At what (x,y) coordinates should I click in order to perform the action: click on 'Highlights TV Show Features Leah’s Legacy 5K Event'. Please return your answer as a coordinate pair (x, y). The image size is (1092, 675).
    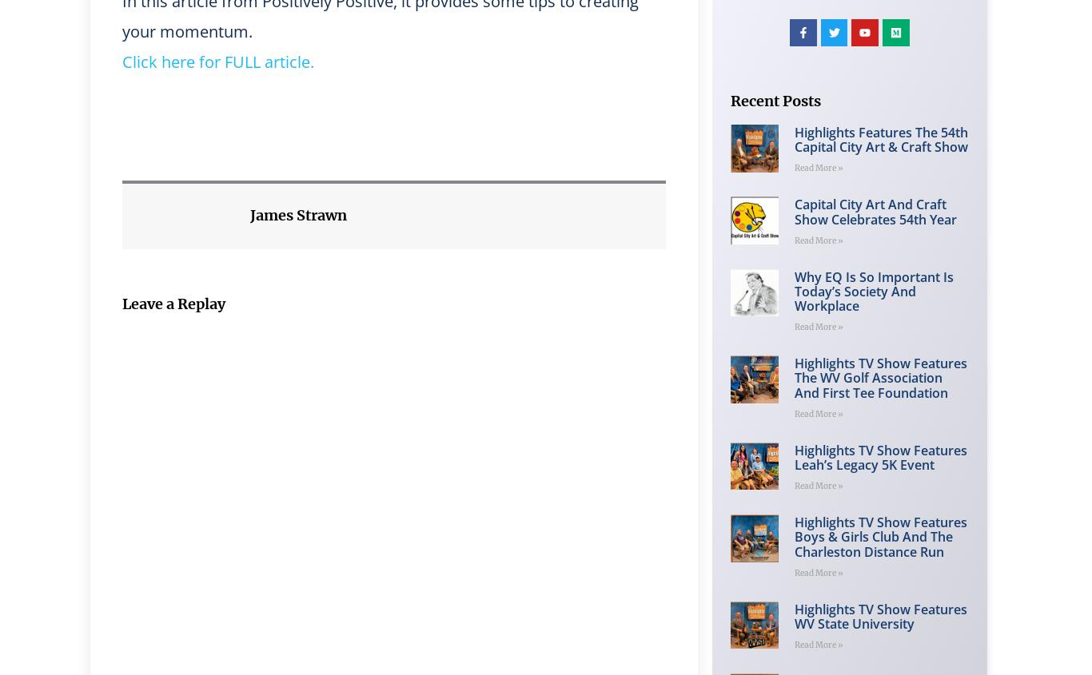
    Looking at the image, I should click on (879, 456).